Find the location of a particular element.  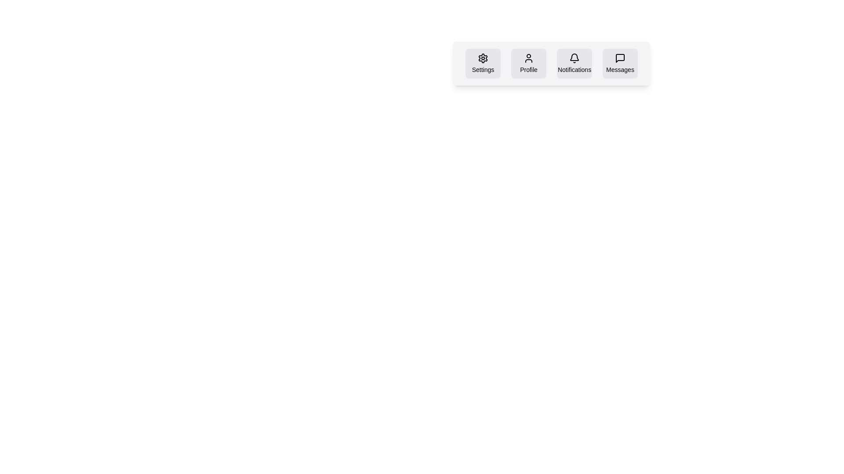

the bell-shaped icon within the 'Notifications' button, which is displayed in black over a light gray background is located at coordinates (574, 58).